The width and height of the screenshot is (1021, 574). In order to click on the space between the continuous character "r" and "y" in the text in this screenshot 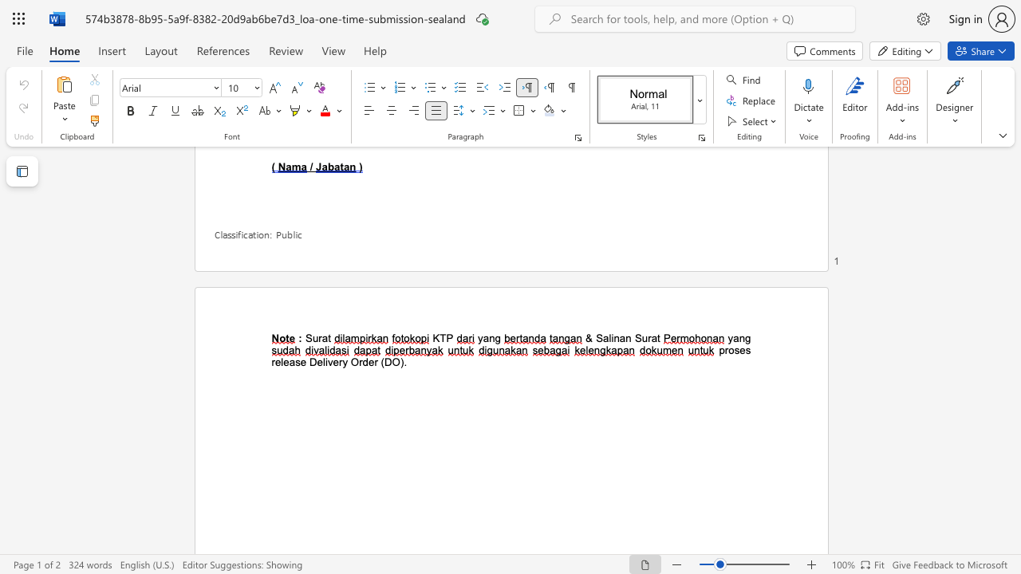, I will do `click(341, 362)`.